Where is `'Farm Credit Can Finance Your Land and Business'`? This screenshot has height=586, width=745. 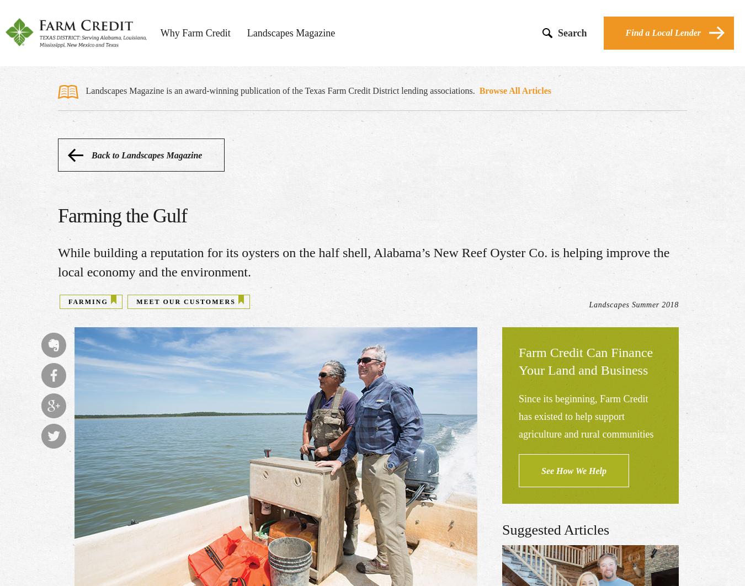
'Farm Credit Can Finance Your Land and Business' is located at coordinates (585, 361).